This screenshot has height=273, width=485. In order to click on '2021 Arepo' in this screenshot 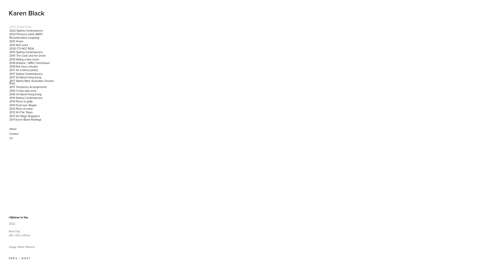, I will do `click(9, 41)`.